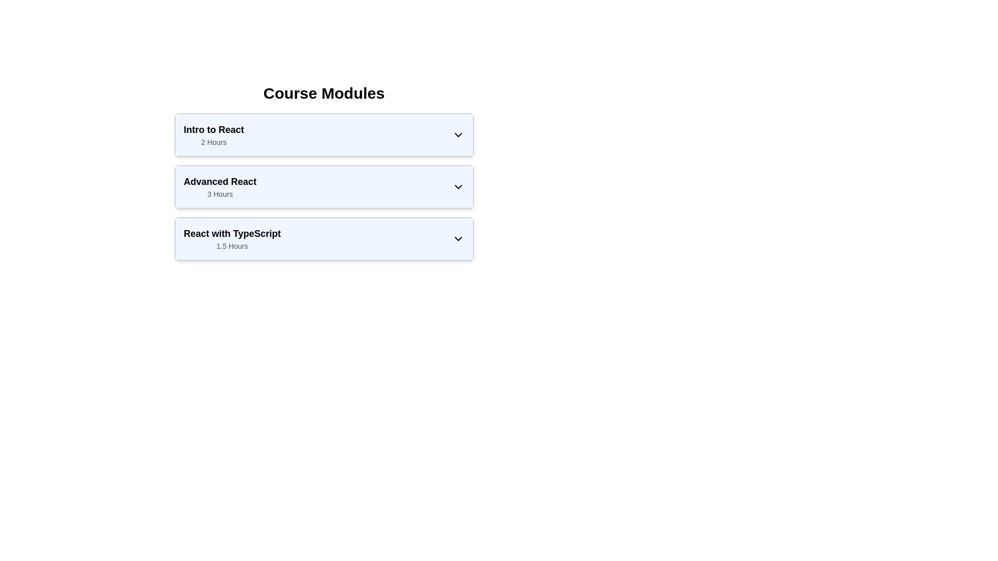 The image size is (998, 561). I want to click on the third course module entry in the list, which summarizes its title and duration, located below the 'Advanced React' module, so click(323, 238).